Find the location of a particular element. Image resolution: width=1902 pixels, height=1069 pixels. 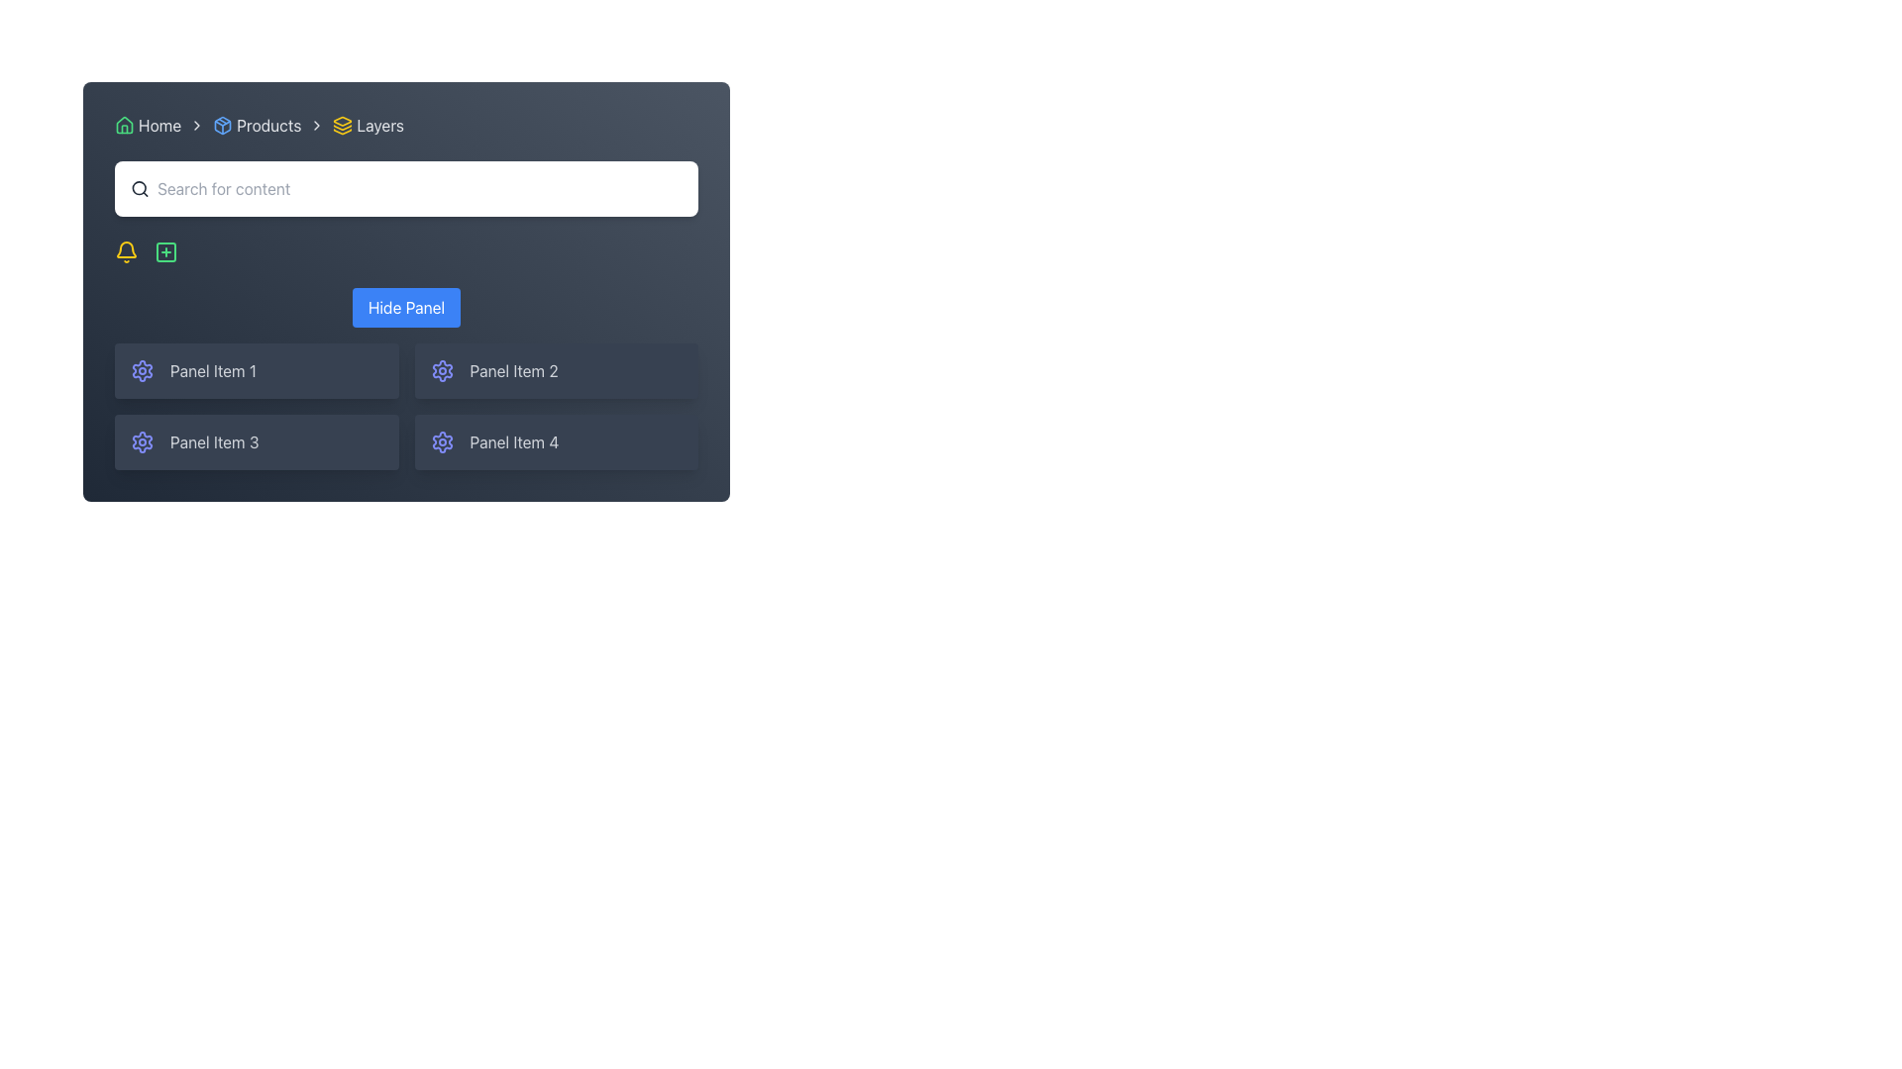

the bottom stripe of the layered decorative graphic element in the SVG icon, which is styled consistently with its two sibling stripes above it is located at coordinates (343, 132).